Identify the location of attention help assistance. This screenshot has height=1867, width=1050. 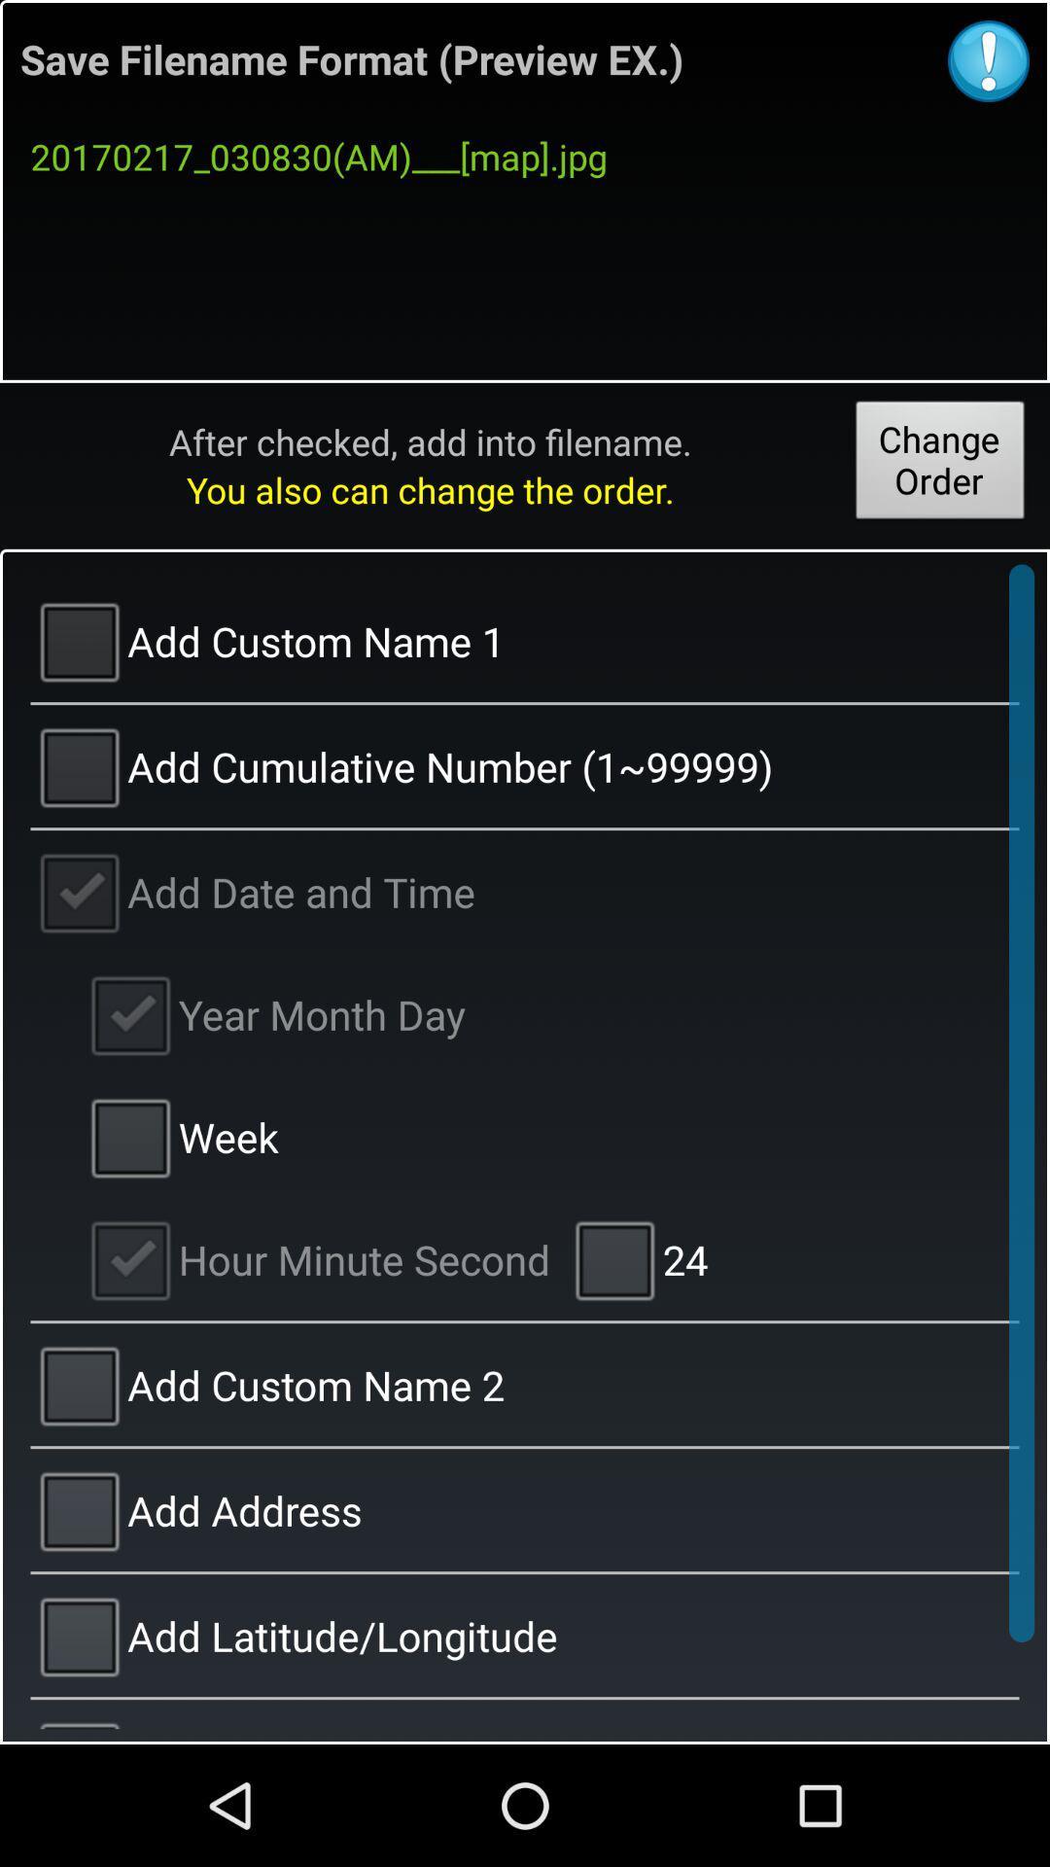
(989, 60).